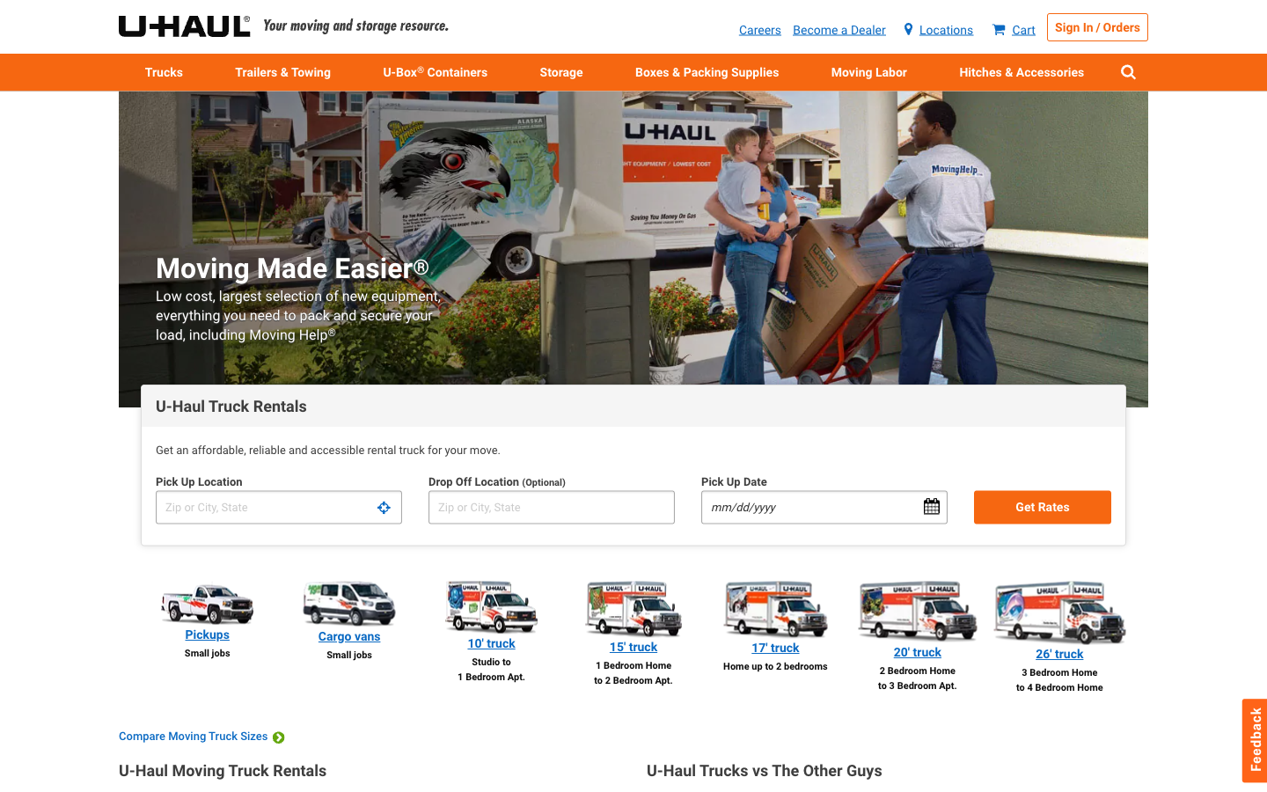 Image resolution: width=1267 pixels, height=792 pixels. What do you see at coordinates (278, 507) in the screenshot?
I see `pricing details for truck leasing starting at location A and ending at B` at bounding box center [278, 507].